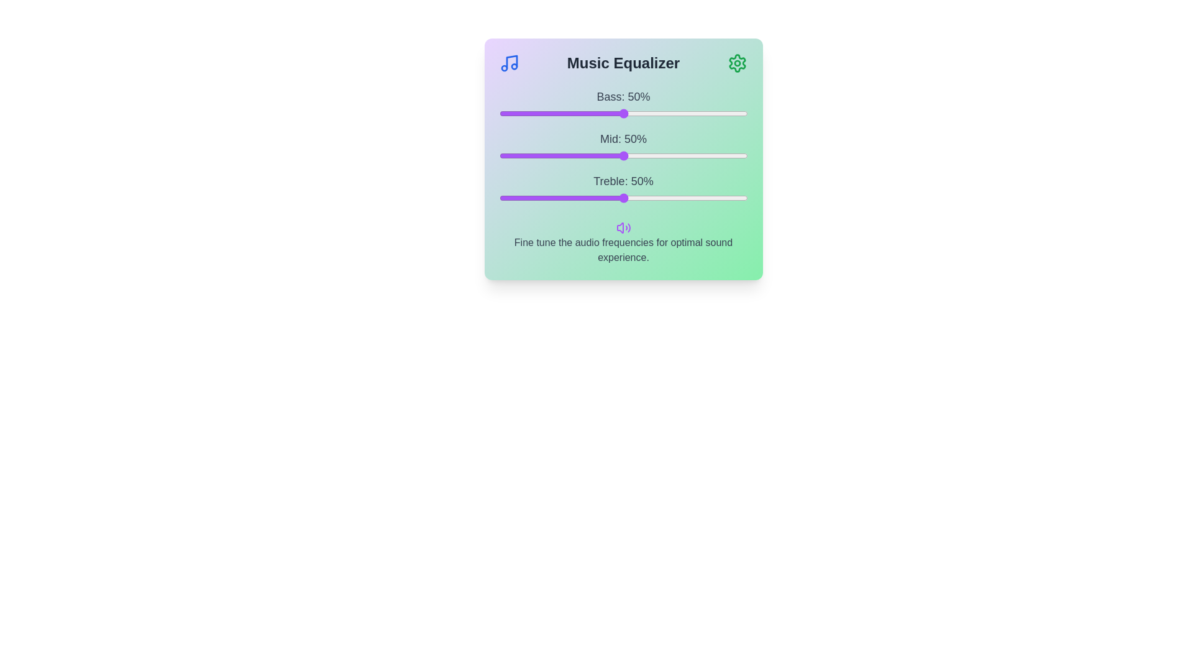 This screenshot has height=671, width=1193. What do you see at coordinates (705, 198) in the screenshot?
I see `the treble slider to 83%` at bounding box center [705, 198].